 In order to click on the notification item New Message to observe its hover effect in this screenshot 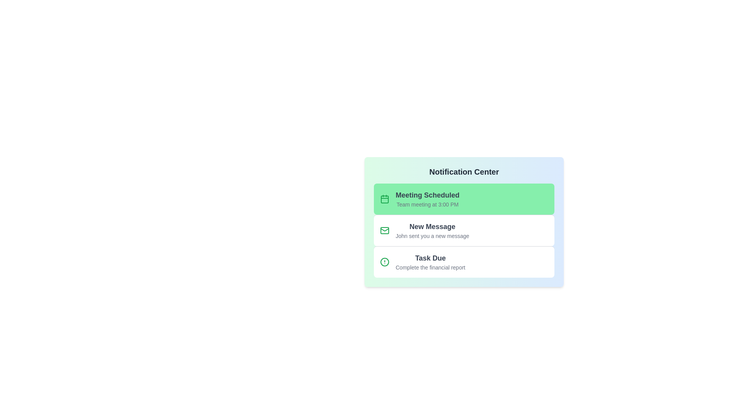, I will do `click(464, 229)`.